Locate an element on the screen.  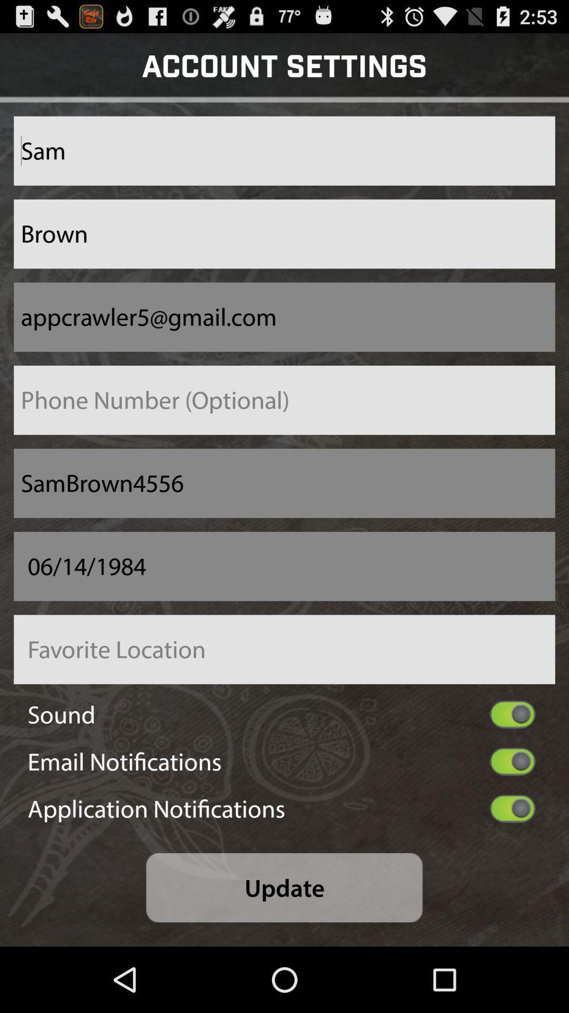
phone number field is located at coordinates (284, 399).